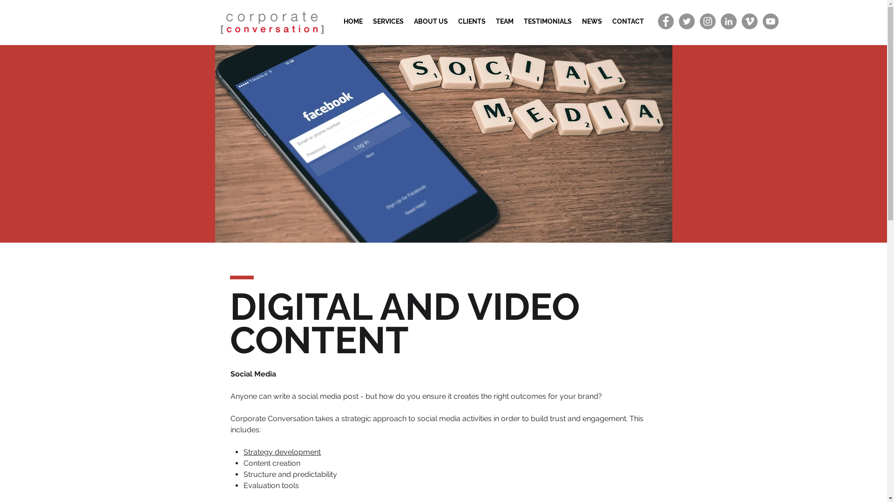  I want to click on 'NEWS', so click(591, 21).